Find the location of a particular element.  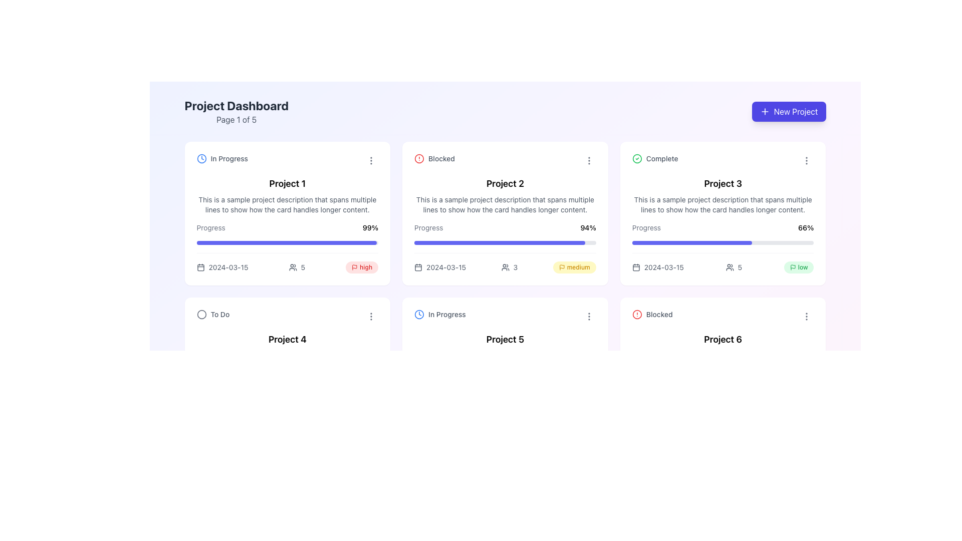

the text label displaying 'Project 5', which is styled as a bold, large font and is centrally positioned in its card, located beneath the status label 'In Progress' is located at coordinates (505, 339).